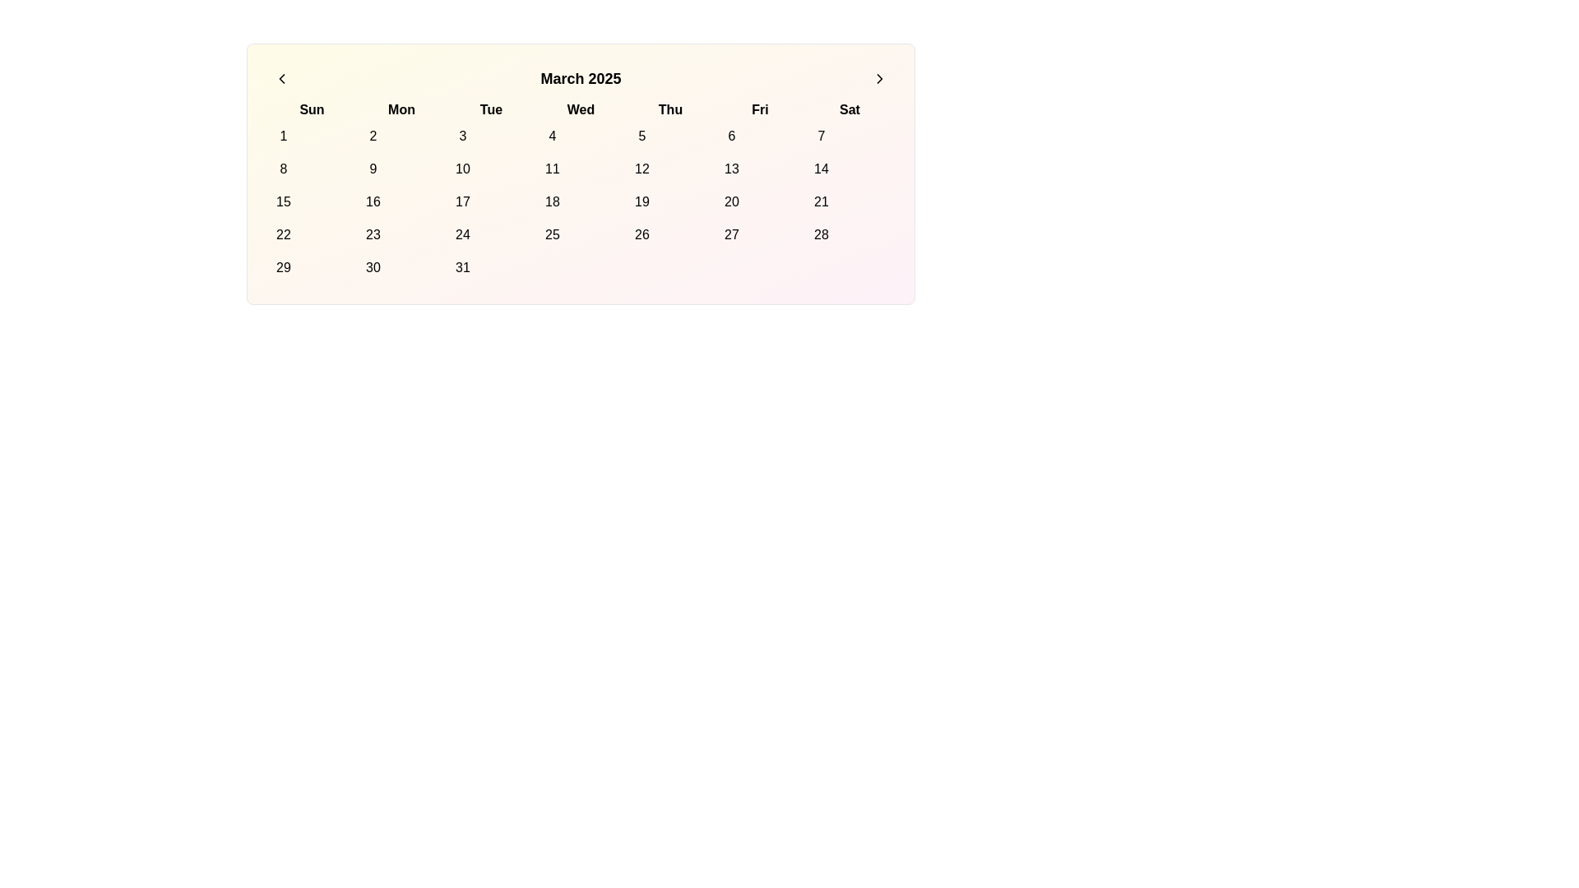  I want to click on the button representing the date '24' in the 'March 2025' calendar view, so click(461, 234).